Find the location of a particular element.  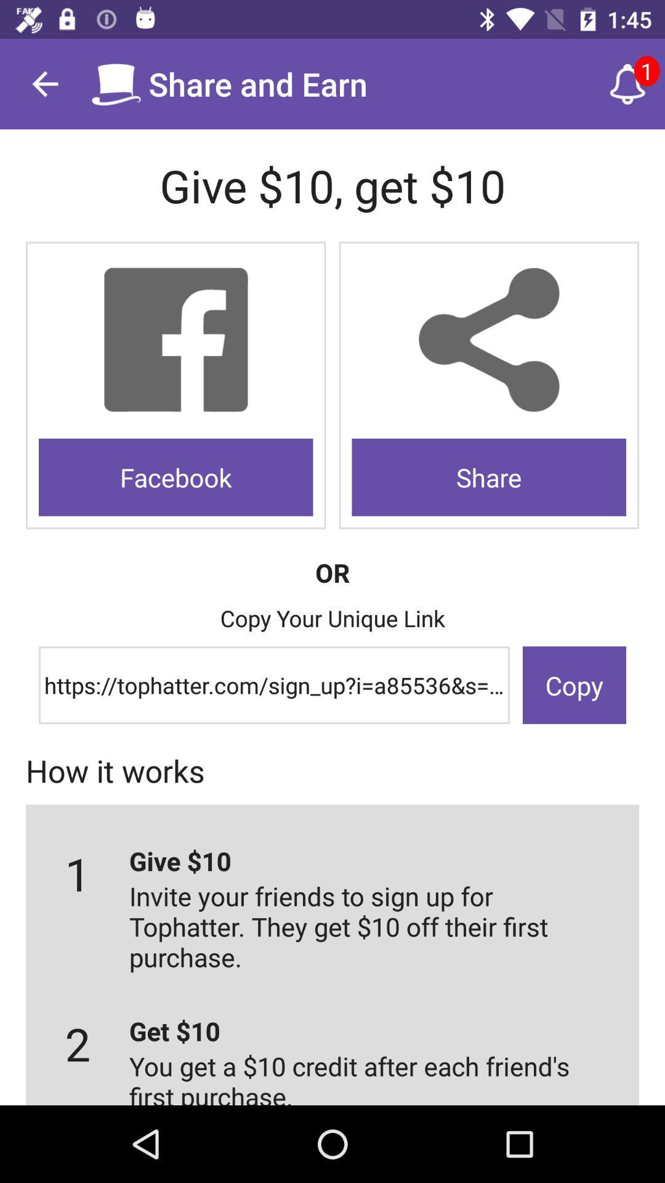

the item above give 10 get icon is located at coordinates (627, 83).